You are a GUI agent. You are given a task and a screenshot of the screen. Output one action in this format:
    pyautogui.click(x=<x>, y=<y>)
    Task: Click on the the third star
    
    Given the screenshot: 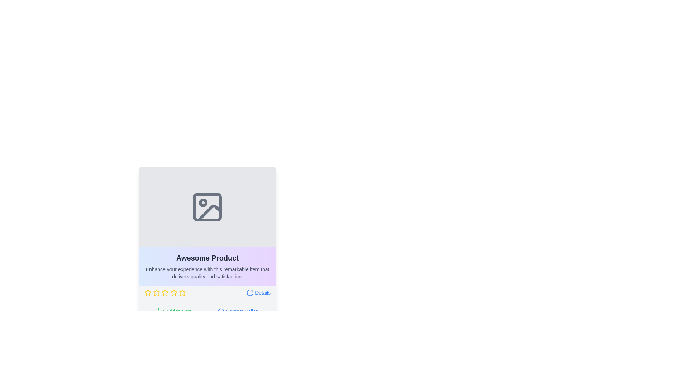 What is the action you would take?
    pyautogui.click(x=164, y=293)
    